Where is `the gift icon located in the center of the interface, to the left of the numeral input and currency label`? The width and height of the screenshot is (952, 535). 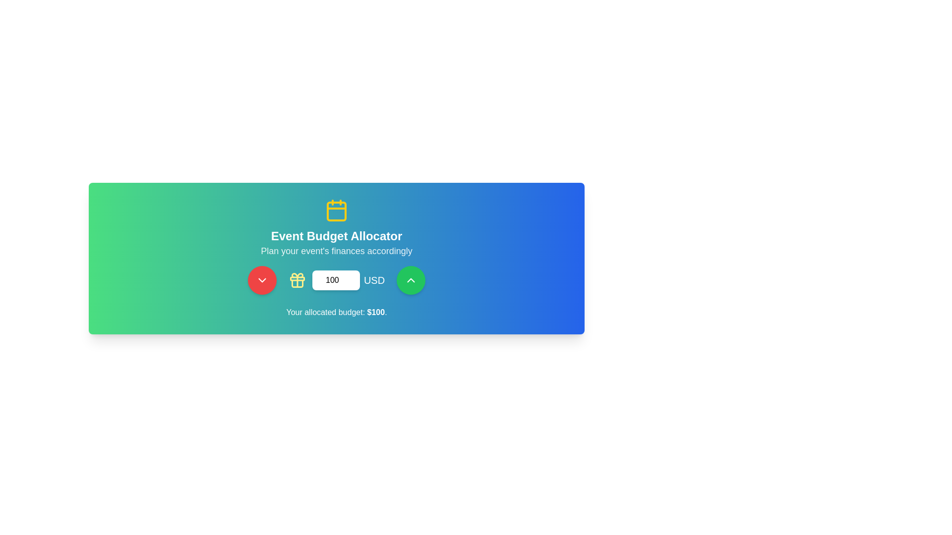
the gift icon located in the center of the interface, to the left of the numeral input and currency label is located at coordinates (297, 280).